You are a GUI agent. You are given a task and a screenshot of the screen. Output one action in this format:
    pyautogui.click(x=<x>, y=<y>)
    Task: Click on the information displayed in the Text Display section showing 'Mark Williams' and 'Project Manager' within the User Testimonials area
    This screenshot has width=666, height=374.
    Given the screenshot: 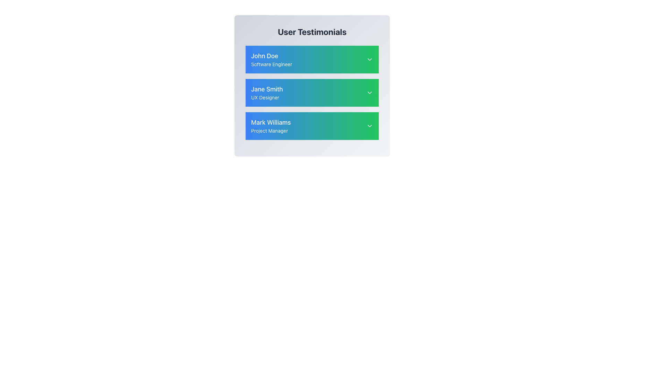 What is the action you would take?
    pyautogui.click(x=271, y=126)
    